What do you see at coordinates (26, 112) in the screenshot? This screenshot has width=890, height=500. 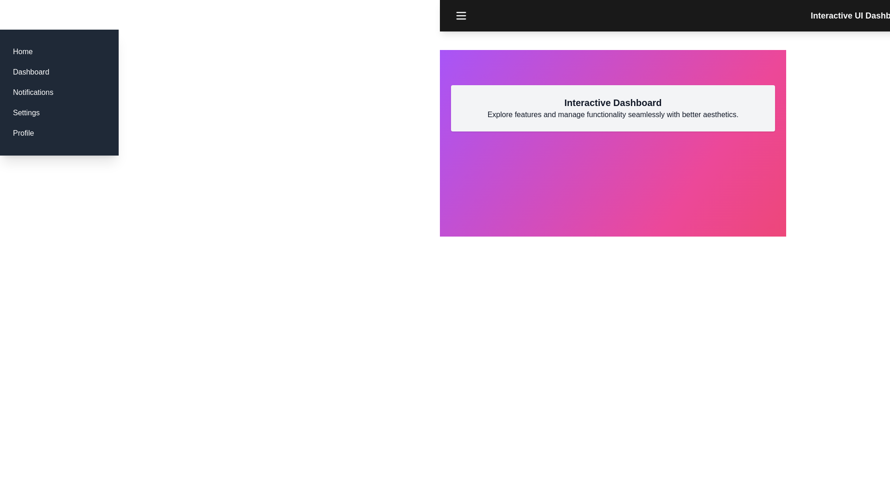 I see `the menu item Settings from the side navigation menu` at bounding box center [26, 112].